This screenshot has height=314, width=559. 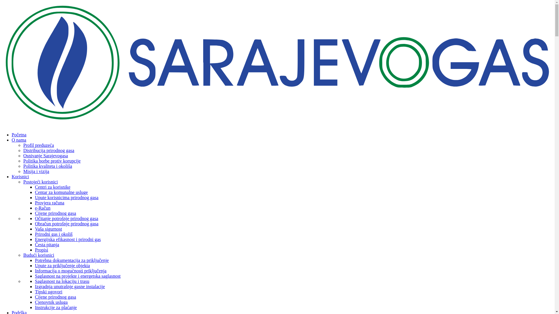 What do you see at coordinates (67, 197) in the screenshot?
I see `'Upute korisnicima prirodnog gasa'` at bounding box center [67, 197].